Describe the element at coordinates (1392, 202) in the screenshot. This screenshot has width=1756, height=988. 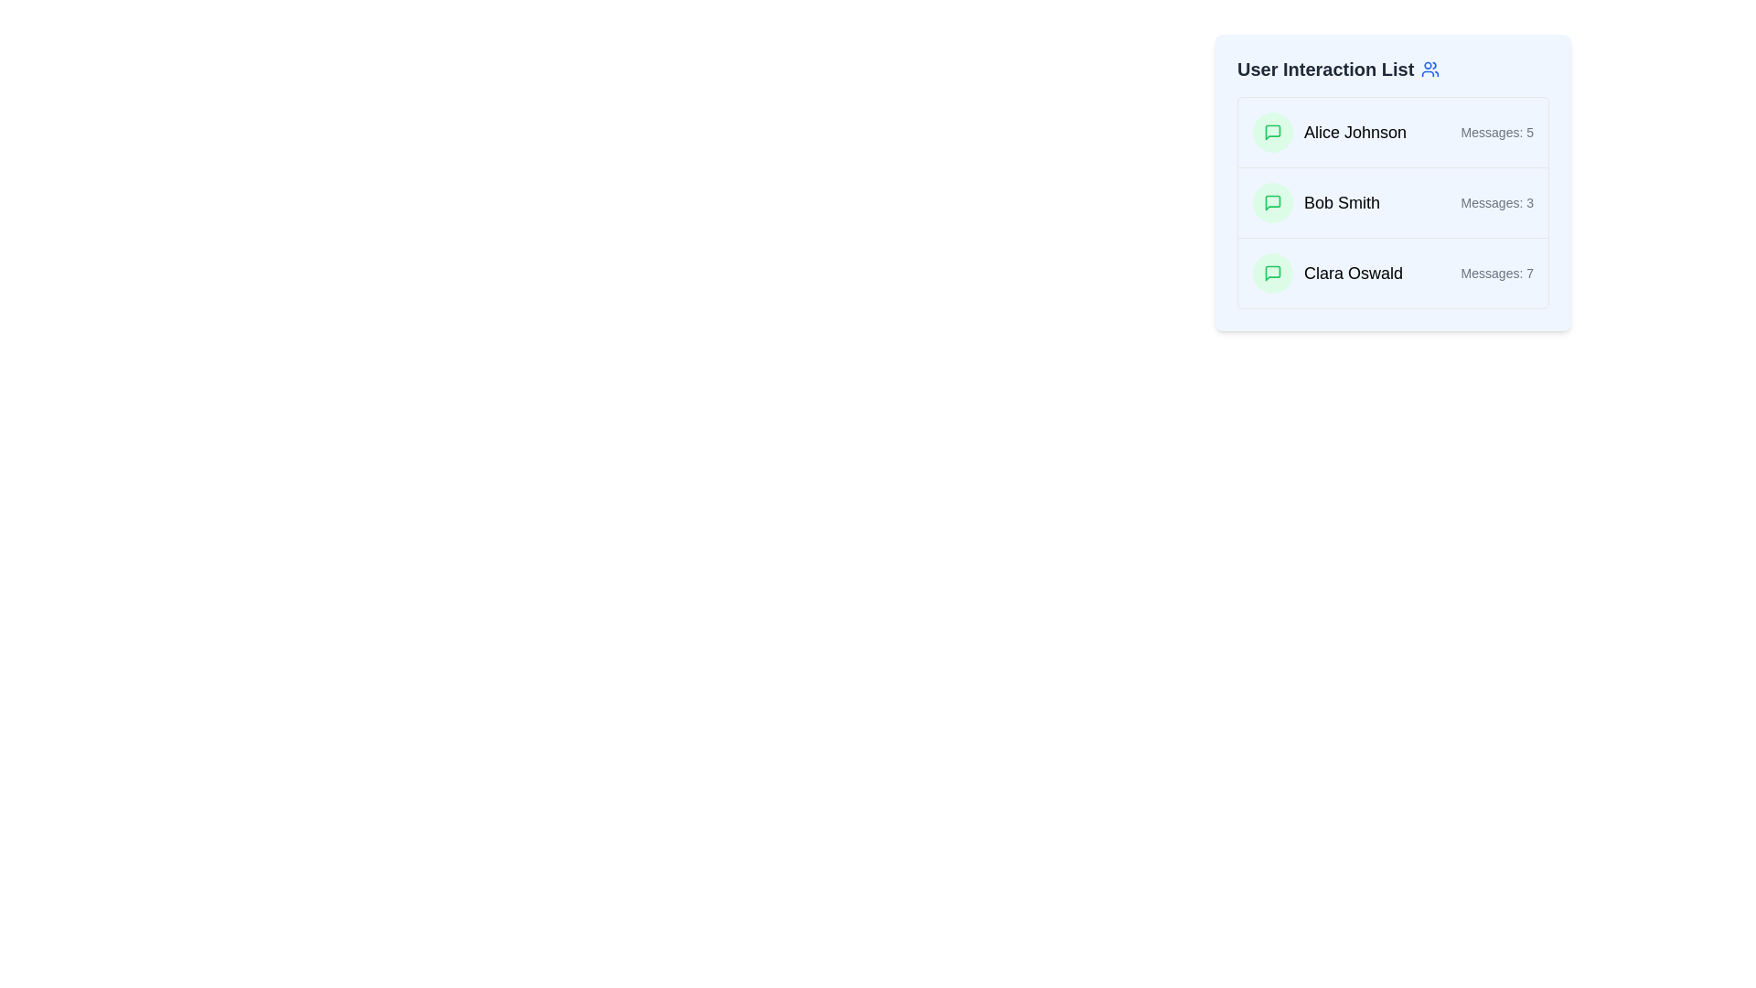
I see `the list item corresponding to Bob Smith` at that location.